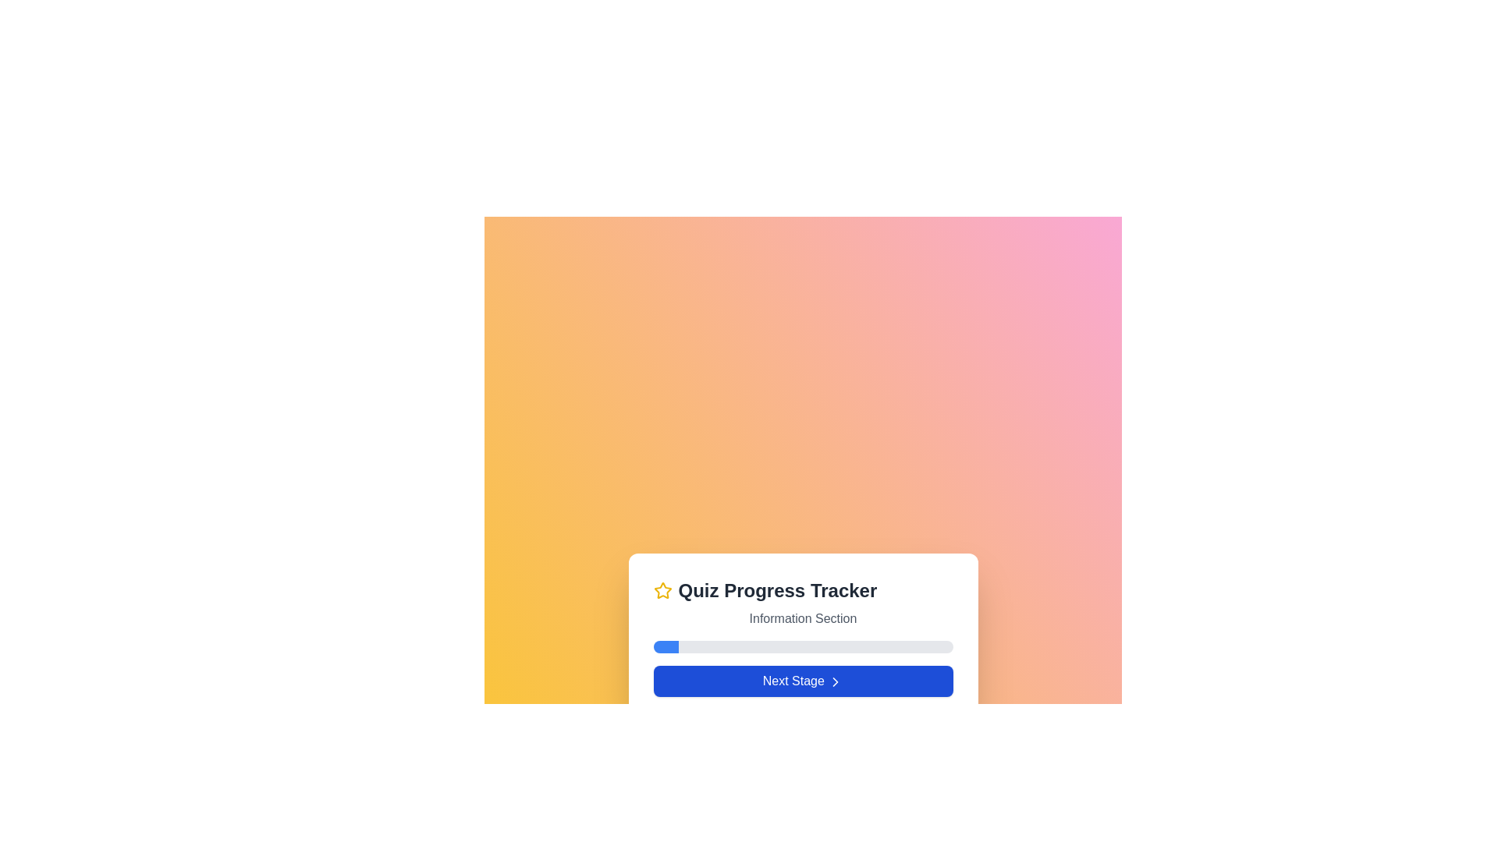 The width and height of the screenshot is (1498, 842). I want to click on the right-pointing chevron arrow icon located on the 'Next Stage' button at the lower part of the 'Quiz Progress Tracker' card, so click(835, 681).